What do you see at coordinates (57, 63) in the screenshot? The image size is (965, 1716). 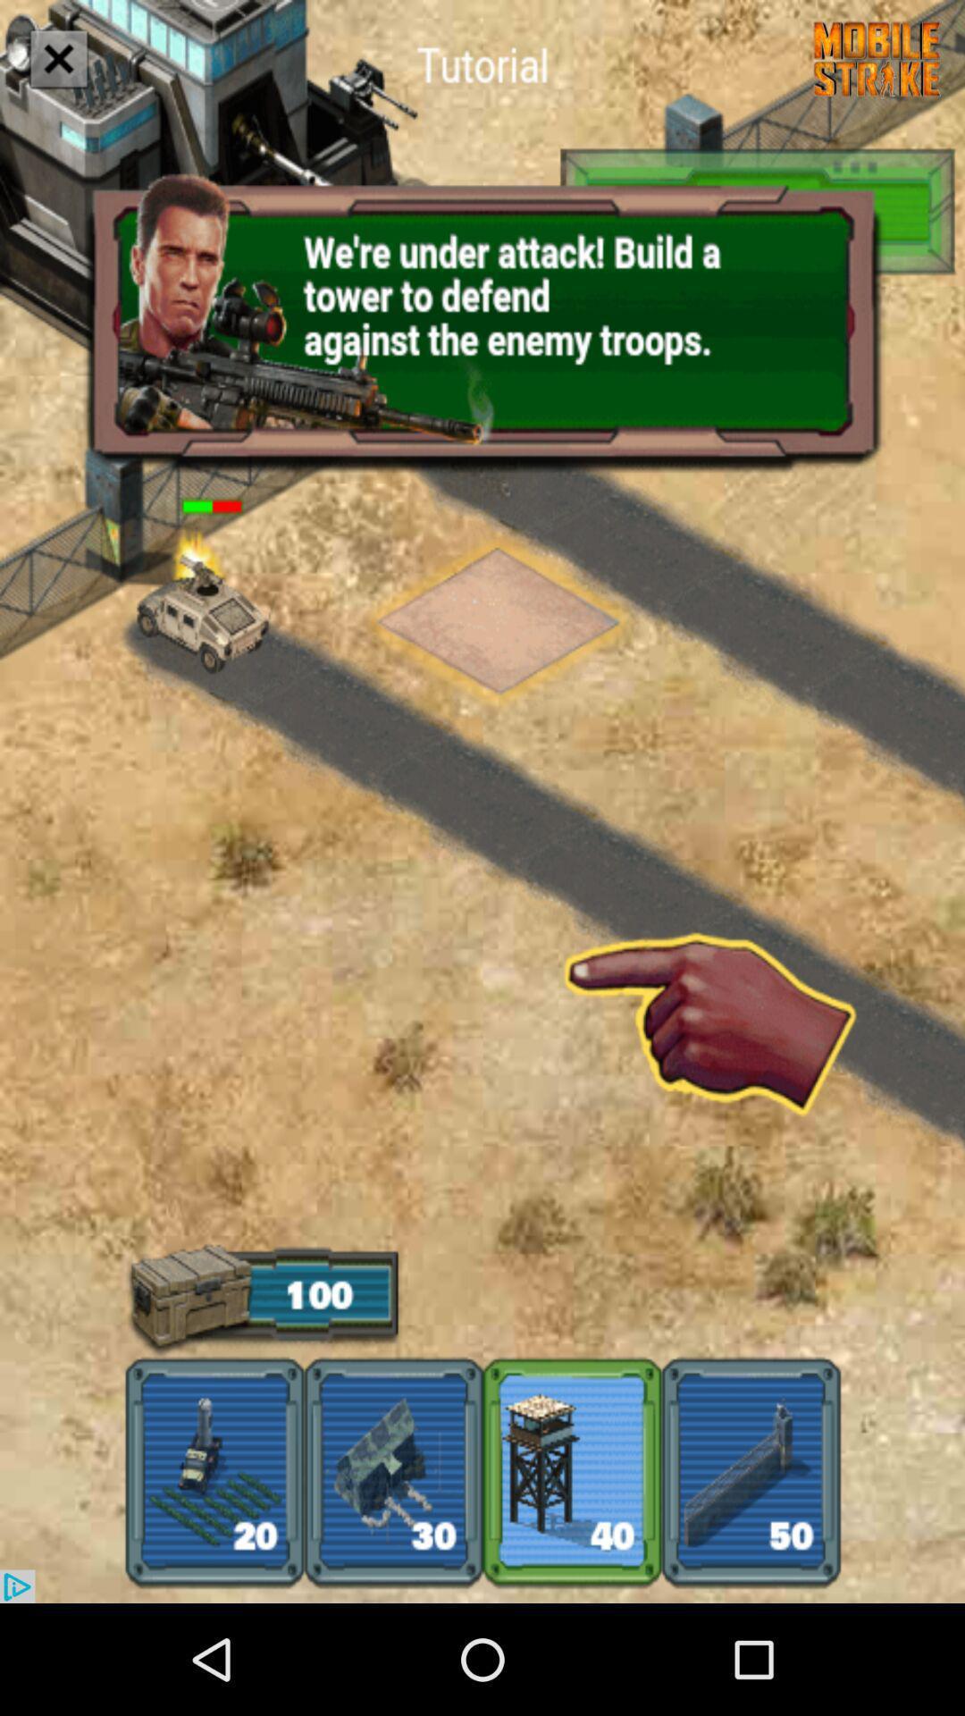 I see `the close icon` at bounding box center [57, 63].